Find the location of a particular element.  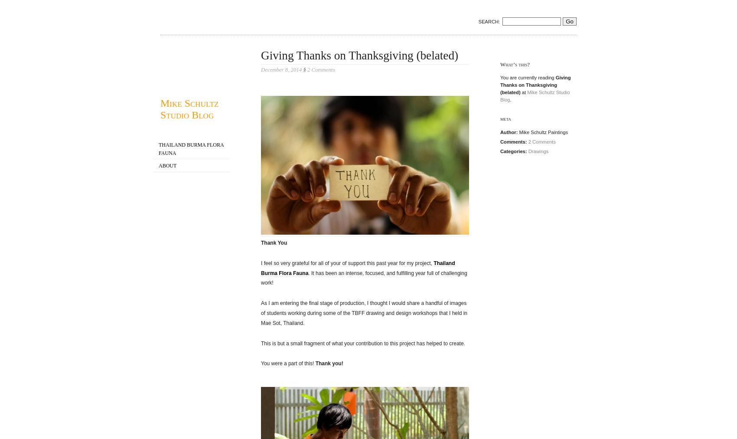

'Mike Schultz Studio Blog' is located at coordinates (160, 109).